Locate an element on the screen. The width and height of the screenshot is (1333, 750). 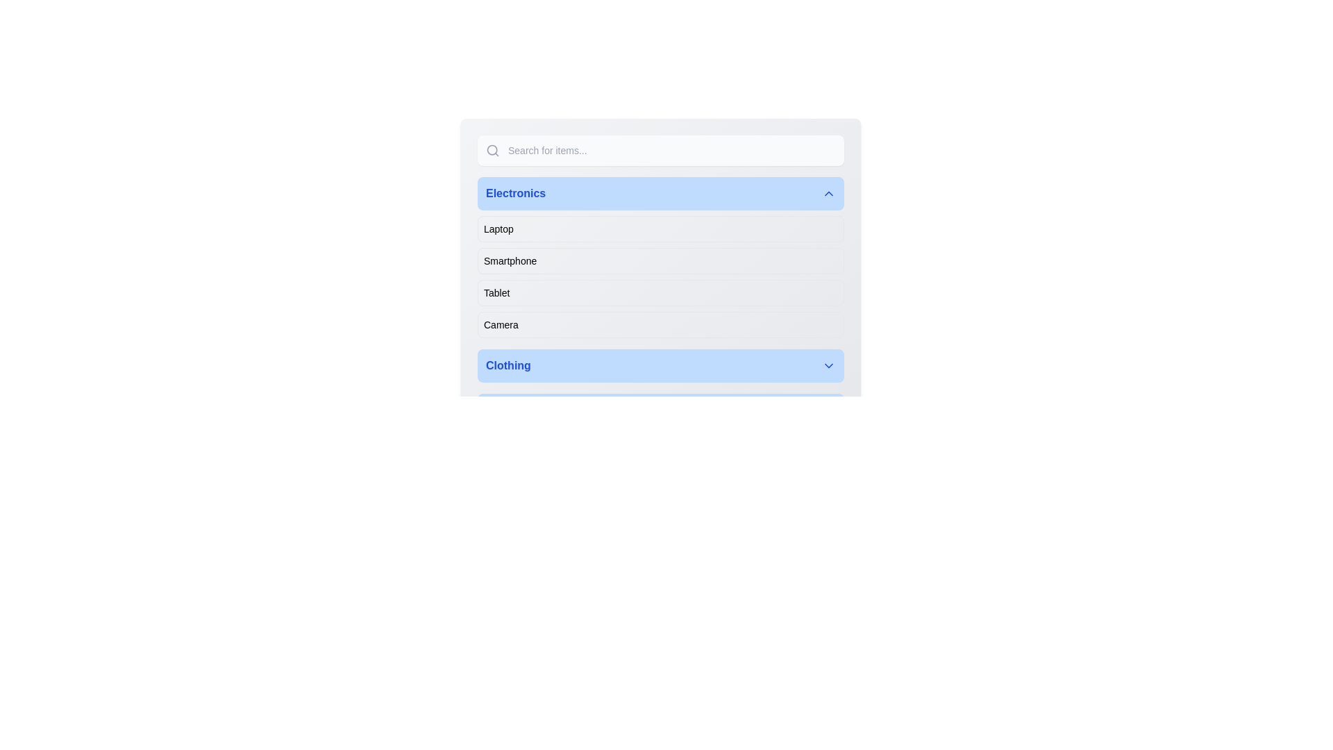
the 'Clothing' category button located in the dropdown section above 'Home Appliances' is located at coordinates (660, 365).